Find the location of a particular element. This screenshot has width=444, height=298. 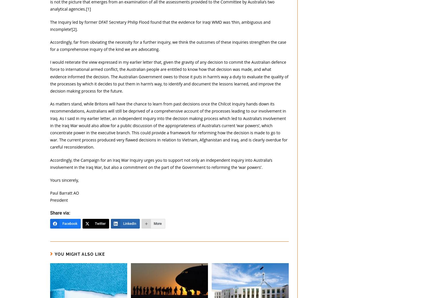

'LinkedIn' is located at coordinates (129, 223).